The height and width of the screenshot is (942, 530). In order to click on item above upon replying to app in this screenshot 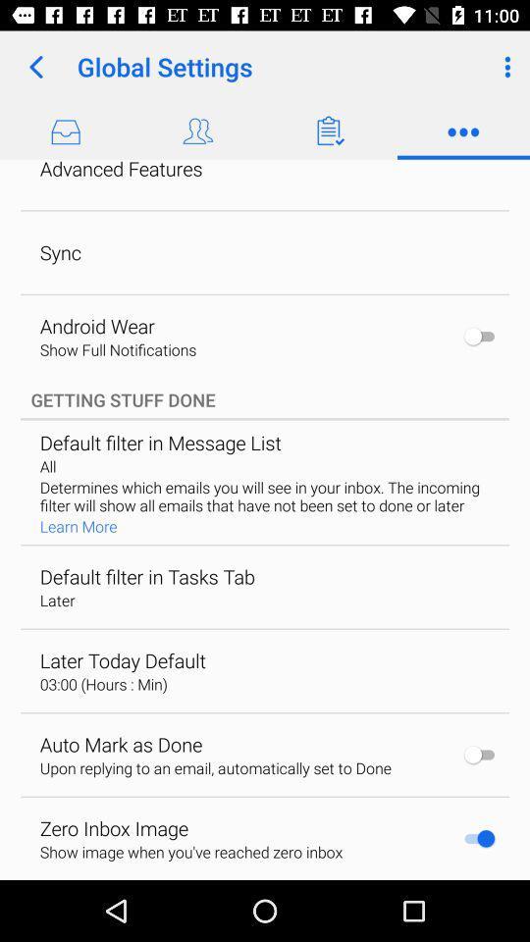, I will do `click(121, 743)`.